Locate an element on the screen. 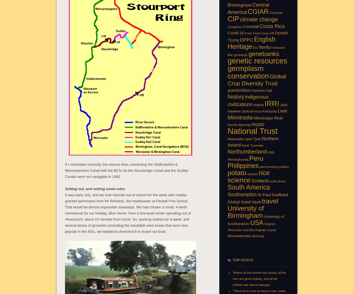 The image size is (354, 294). ''Where all the women are strong, all the men are good looking, and all the children are above average.'' is located at coordinates (259, 278).